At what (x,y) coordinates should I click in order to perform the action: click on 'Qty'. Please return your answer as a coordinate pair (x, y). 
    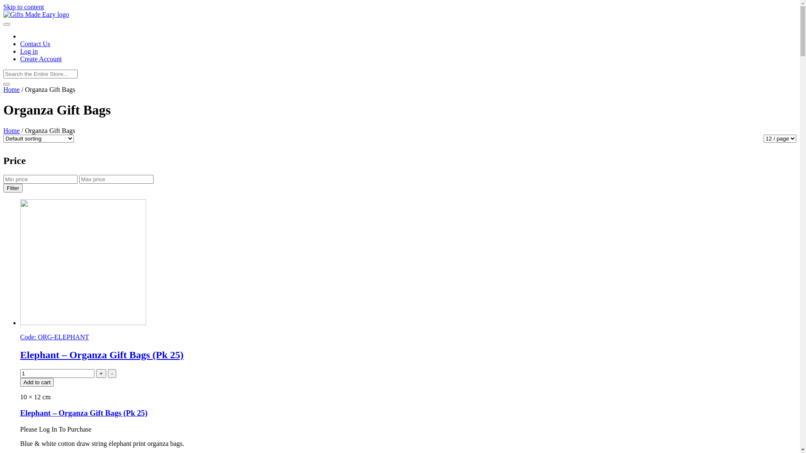
    Looking at the image, I should click on (57, 373).